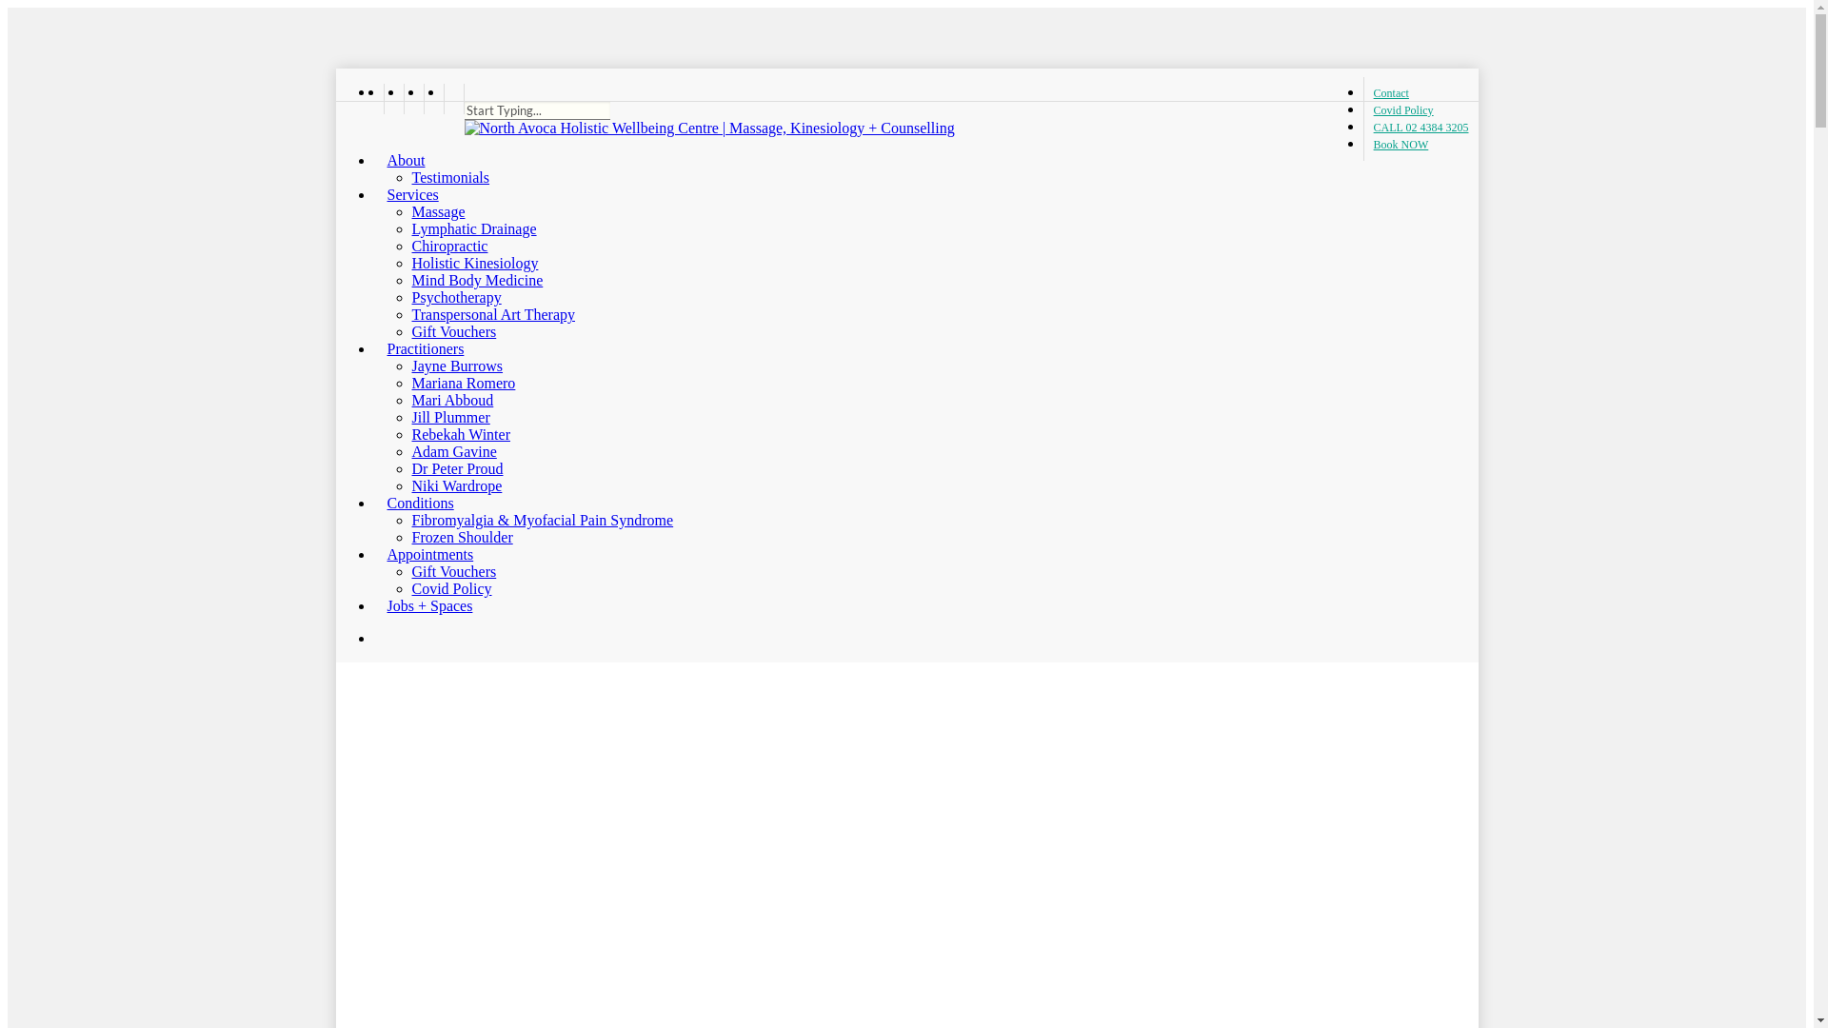  I want to click on 'About', so click(373, 159).